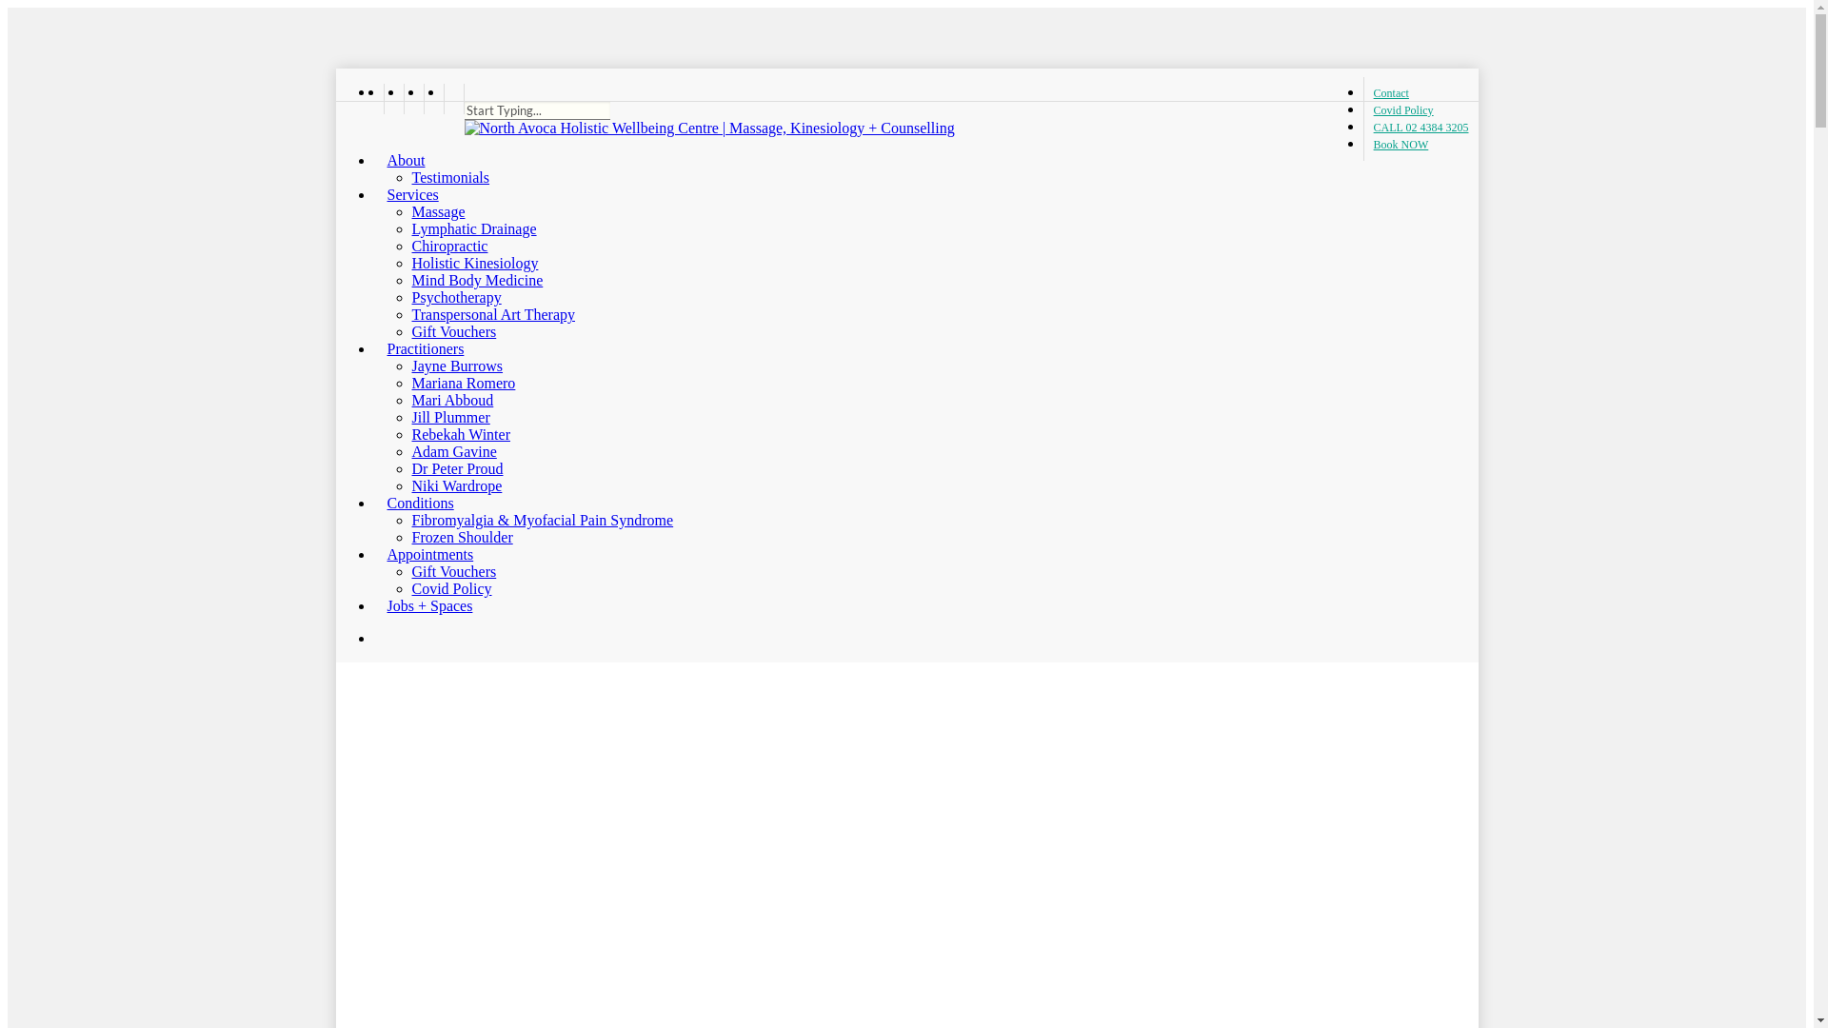  I want to click on 'About', so click(373, 159).